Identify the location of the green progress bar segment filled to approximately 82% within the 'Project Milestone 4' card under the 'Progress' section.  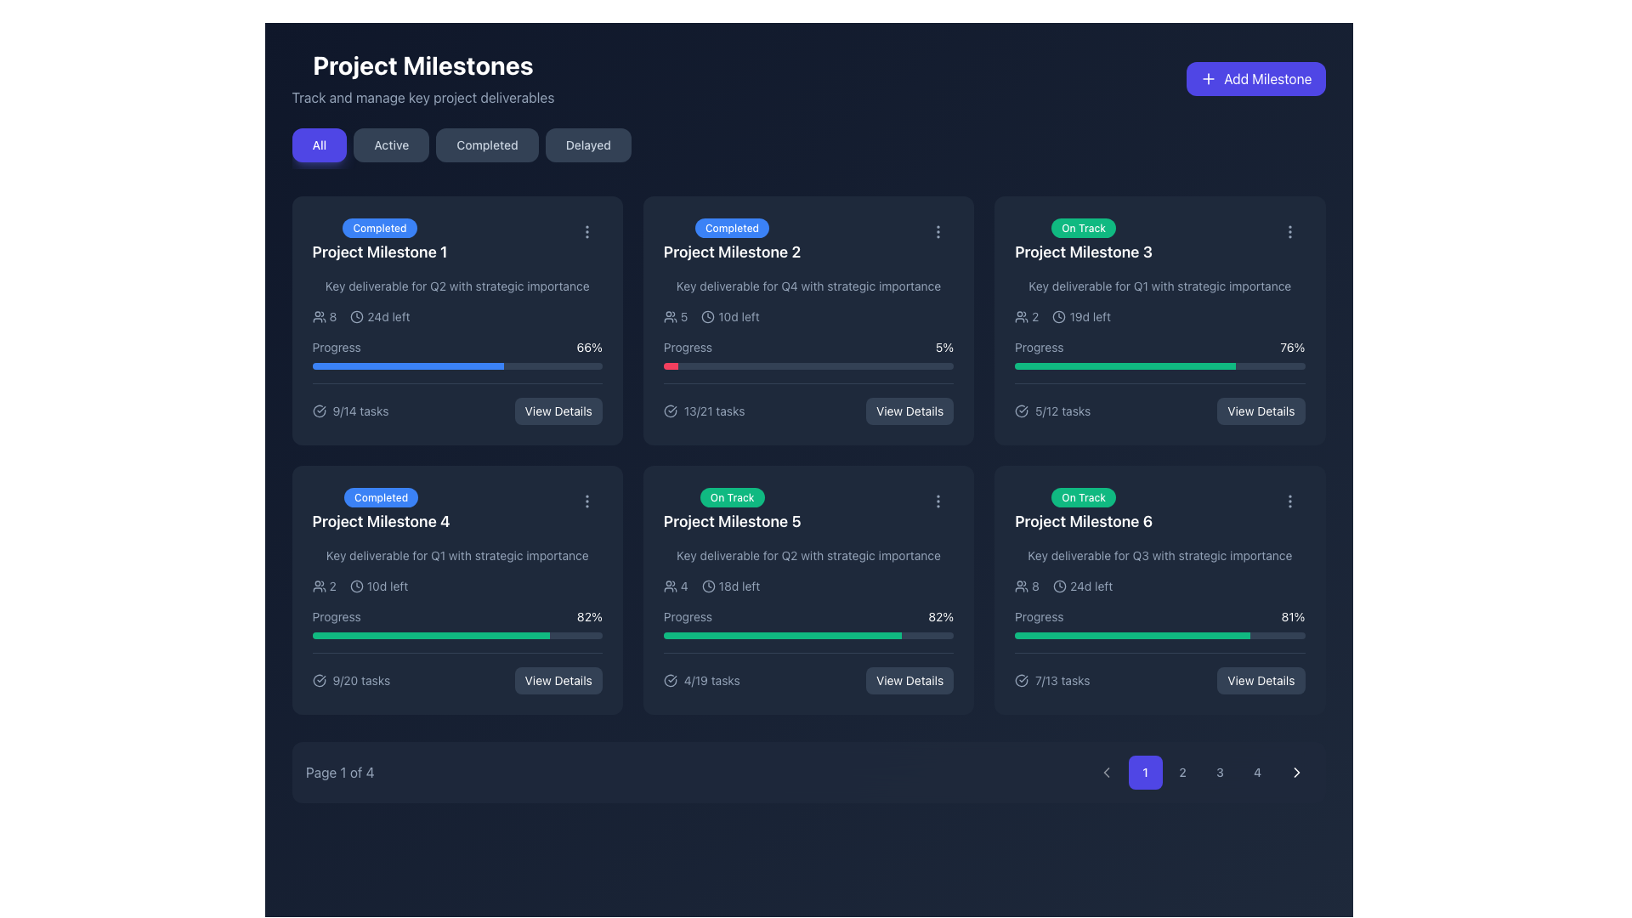
(431, 636).